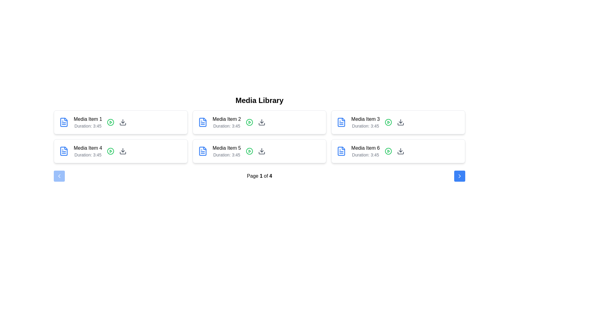 This screenshot has height=332, width=590. I want to click on the blue SVG icon representing a document with lines located in the top-left corner of the 'Media Item 6' card, so click(341, 151).